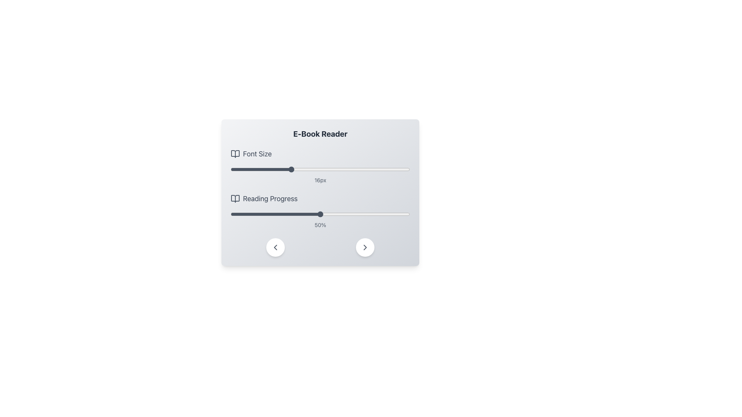  What do you see at coordinates (260, 169) in the screenshot?
I see `the font size` at bounding box center [260, 169].